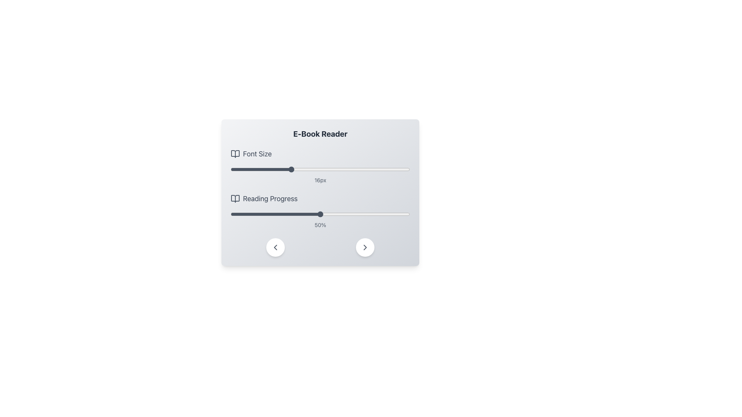  What do you see at coordinates (260, 169) in the screenshot?
I see `the font size` at bounding box center [260, 169].